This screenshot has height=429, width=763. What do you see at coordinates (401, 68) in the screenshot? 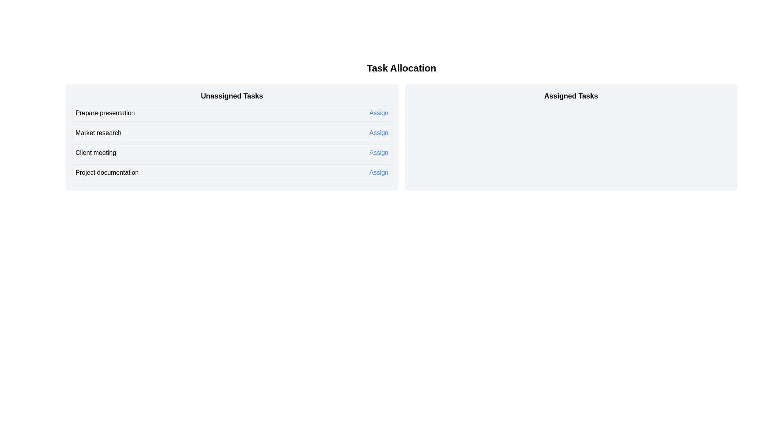
I see `the header text element that serves as the main title for the section above 'Unassigned Tasks' and 'Assigned Tasks'` at bounding box center [401, 68].